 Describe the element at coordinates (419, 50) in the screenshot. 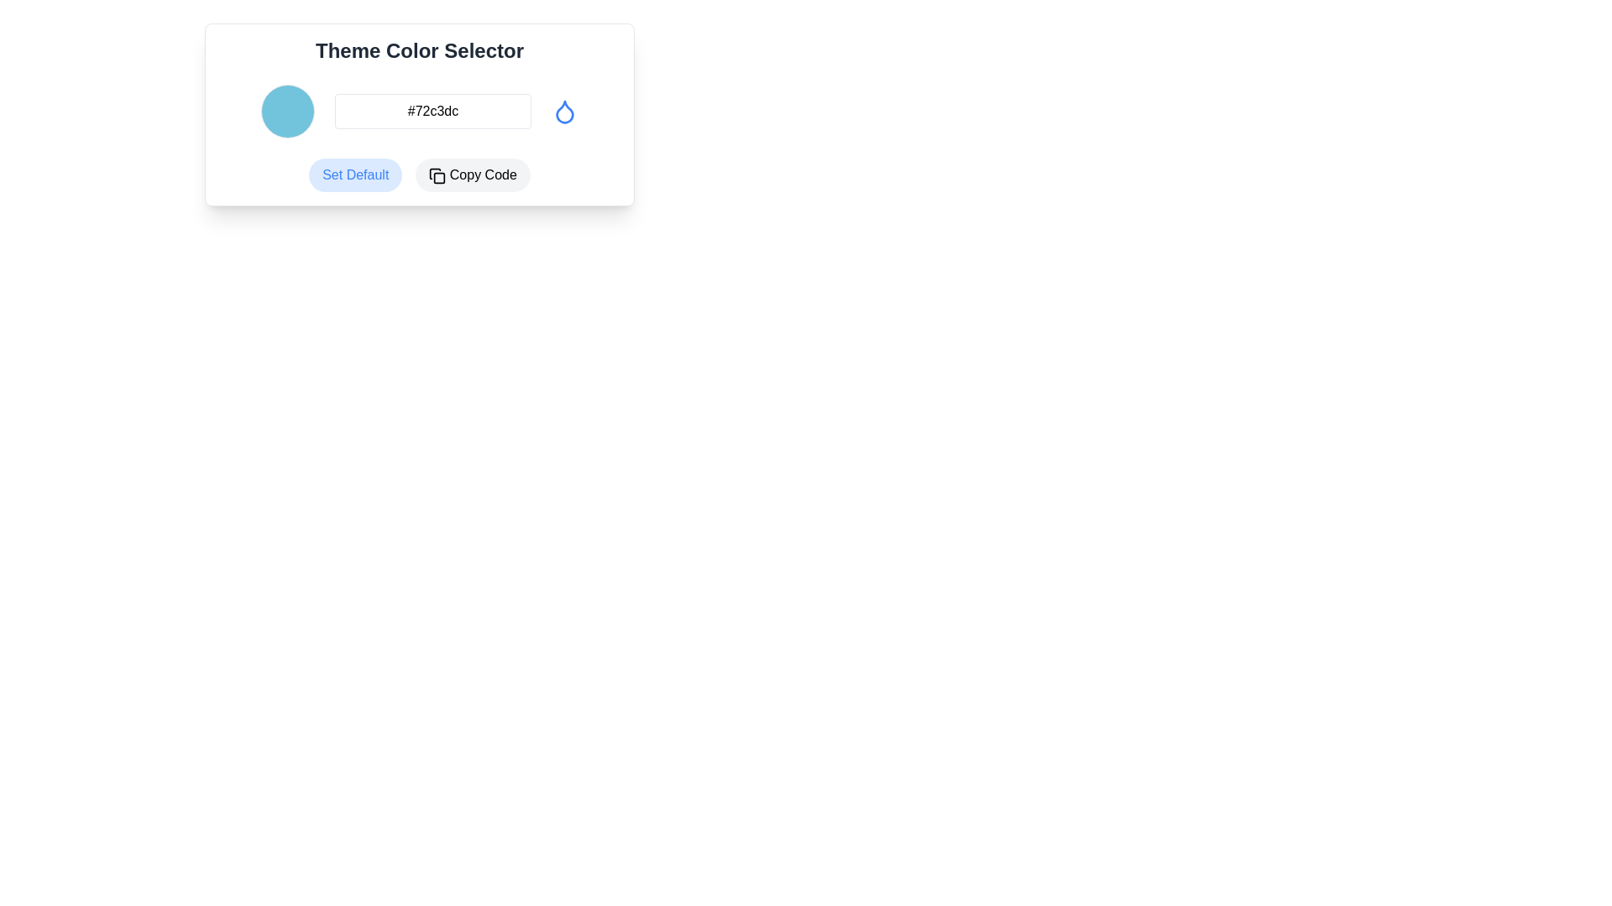

I see `the Header text at the top of the theme color selection interface` at that location.